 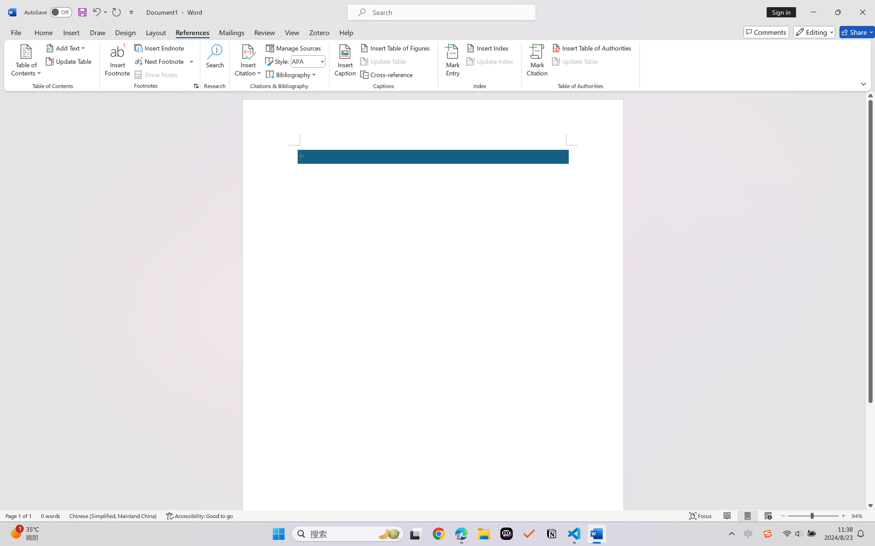 What do you see at coordinates (26, 61) in the screenshot?
I see `'Table of Contents'` at bounding box center [26, 61].